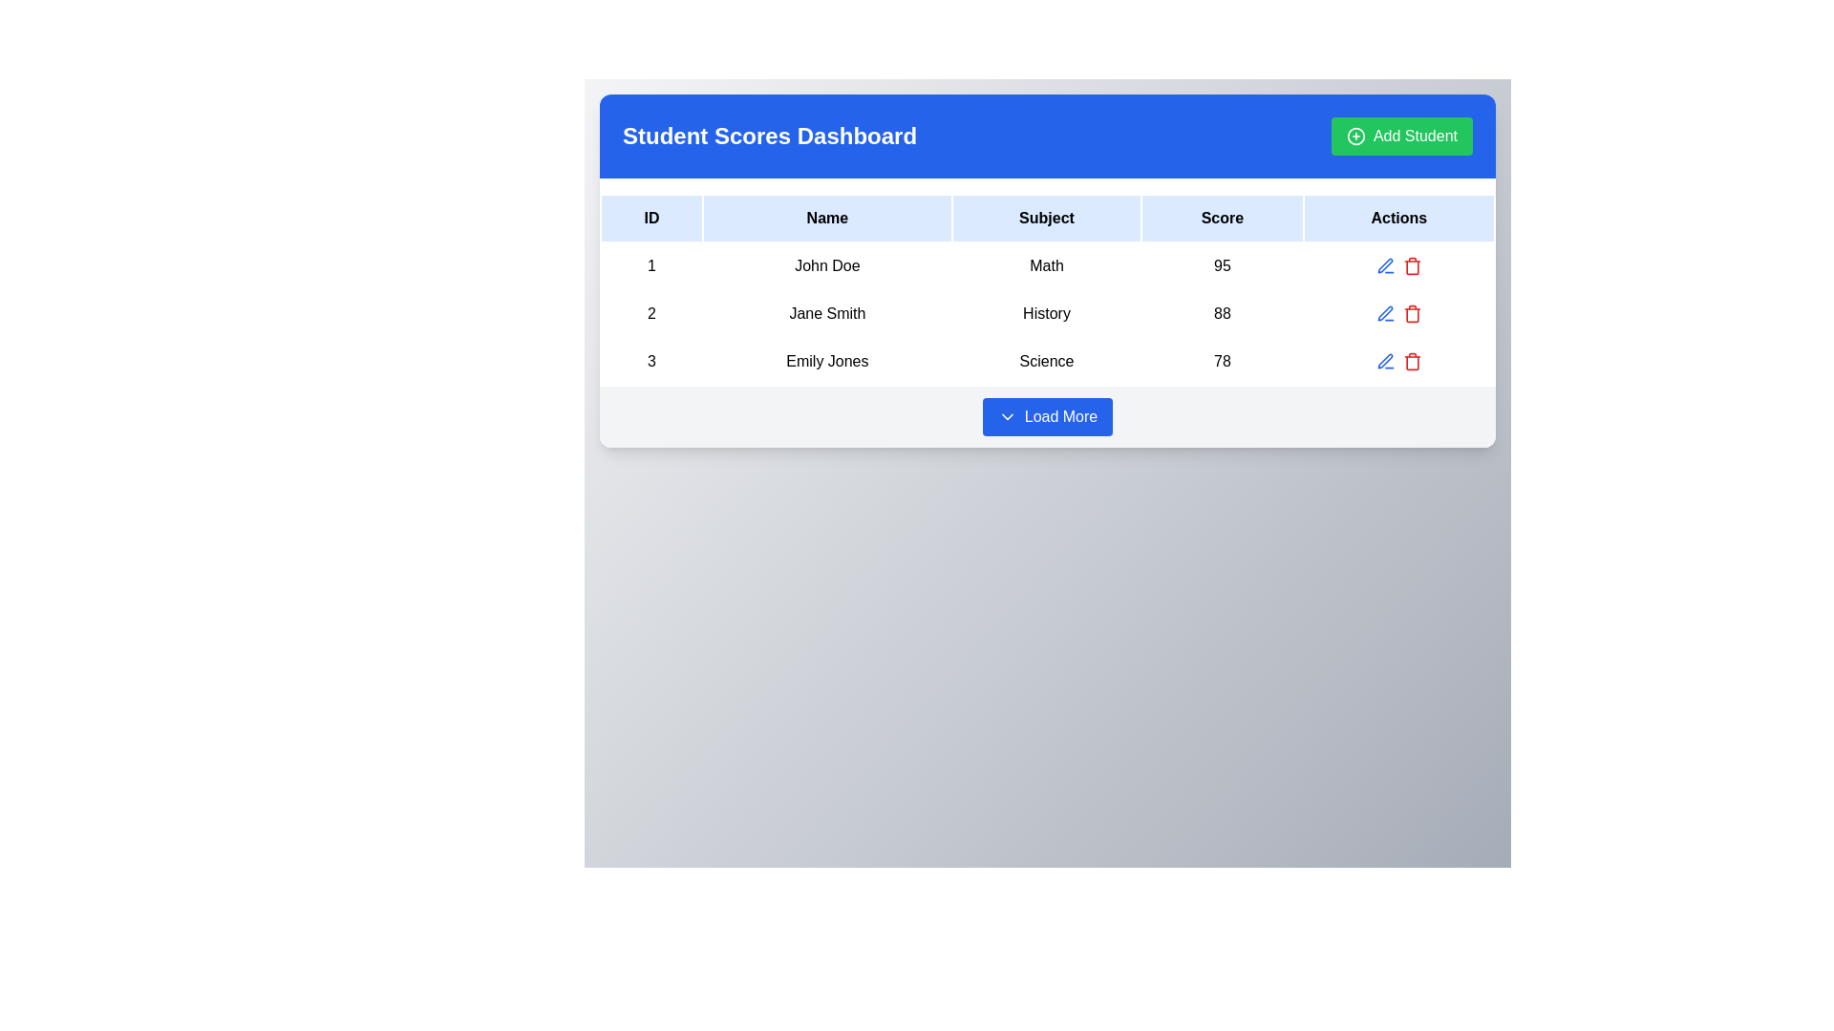 The width and height of the screenshot is (1834, 1031). I want to click on the first table row displaying student information under the 'Student Scores Dashboard' header, so click(1047, 265).